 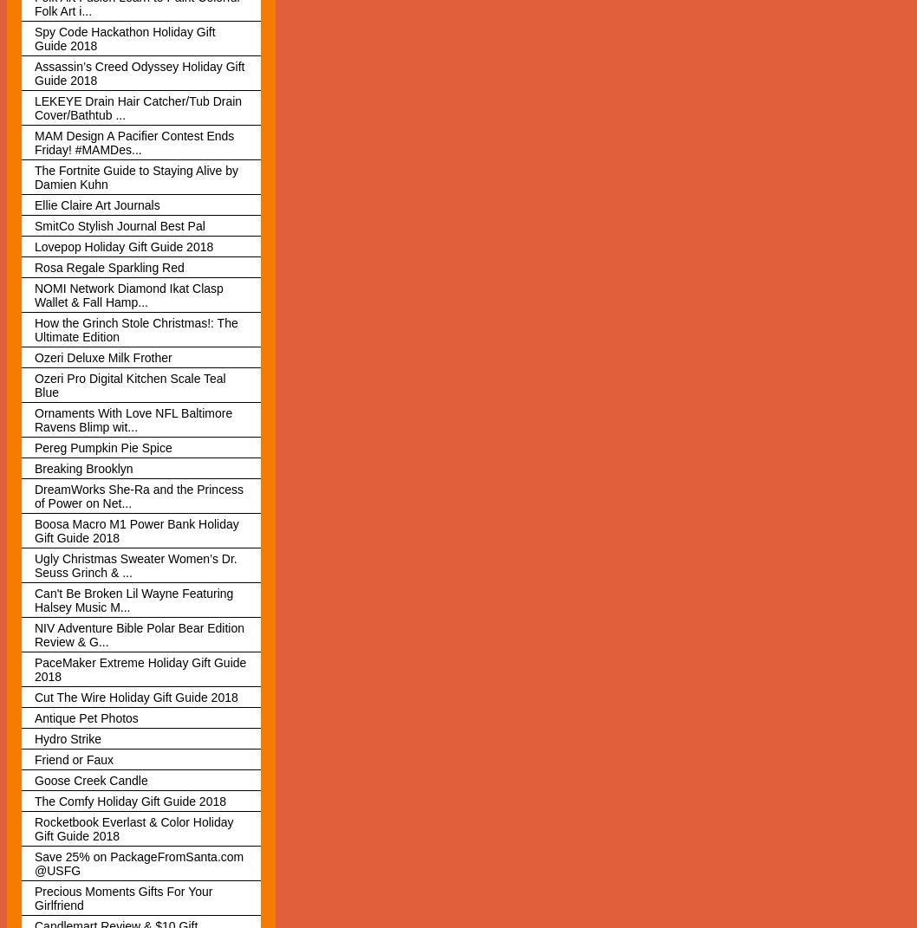 I want to click on 'Ozeri Pro Digital Kitchen Scale Teal Blue', so click(x=129, y=385).